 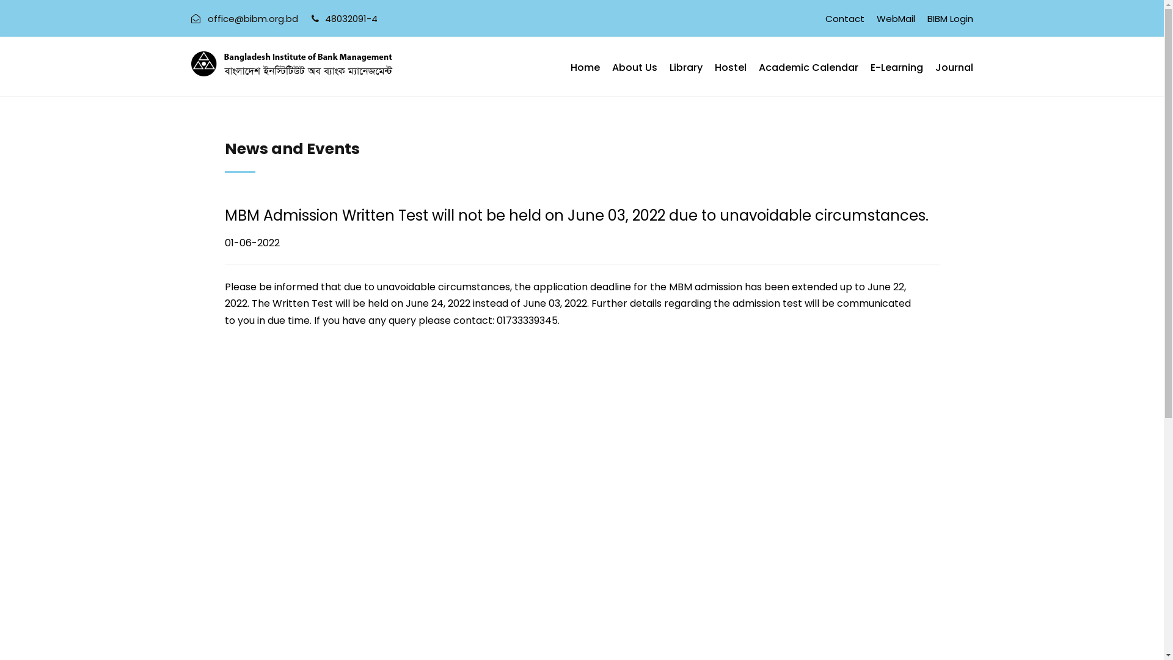 I want to click on 'BIBM Login', so click(x=927, y=24).